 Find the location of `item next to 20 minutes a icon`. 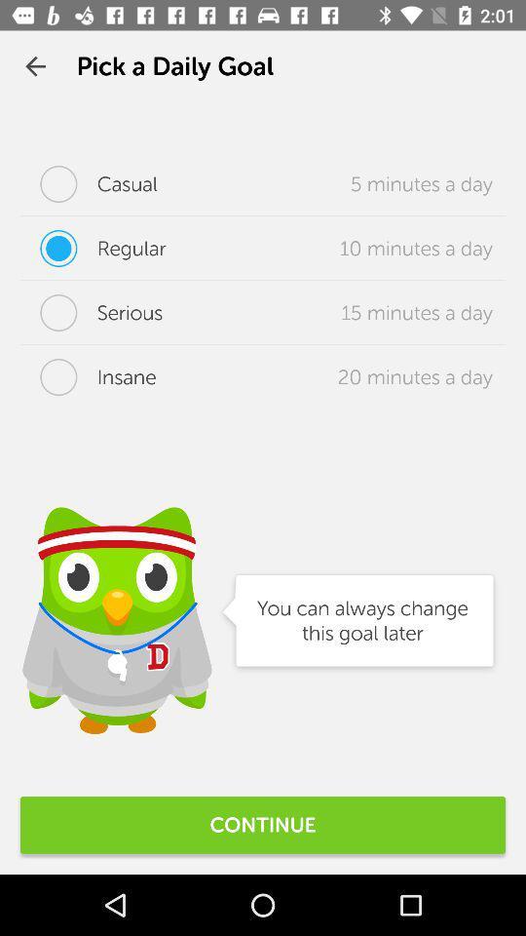

item next to 20 minutes a icon is located at coordinates (87, 375).